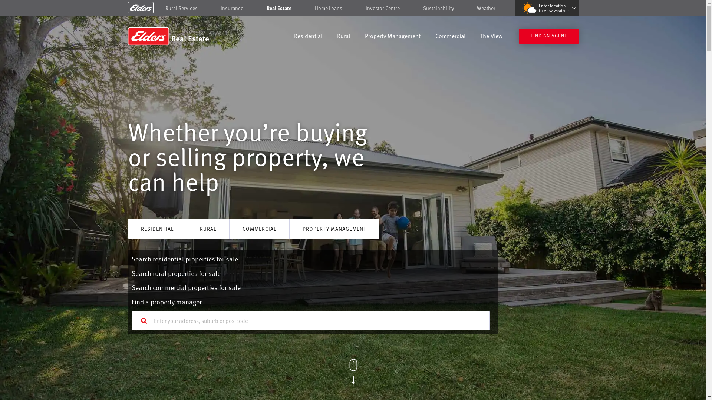  Describe the element at coordinates (392, 37) in the screenshot. I see `'Property Management'` at that location.